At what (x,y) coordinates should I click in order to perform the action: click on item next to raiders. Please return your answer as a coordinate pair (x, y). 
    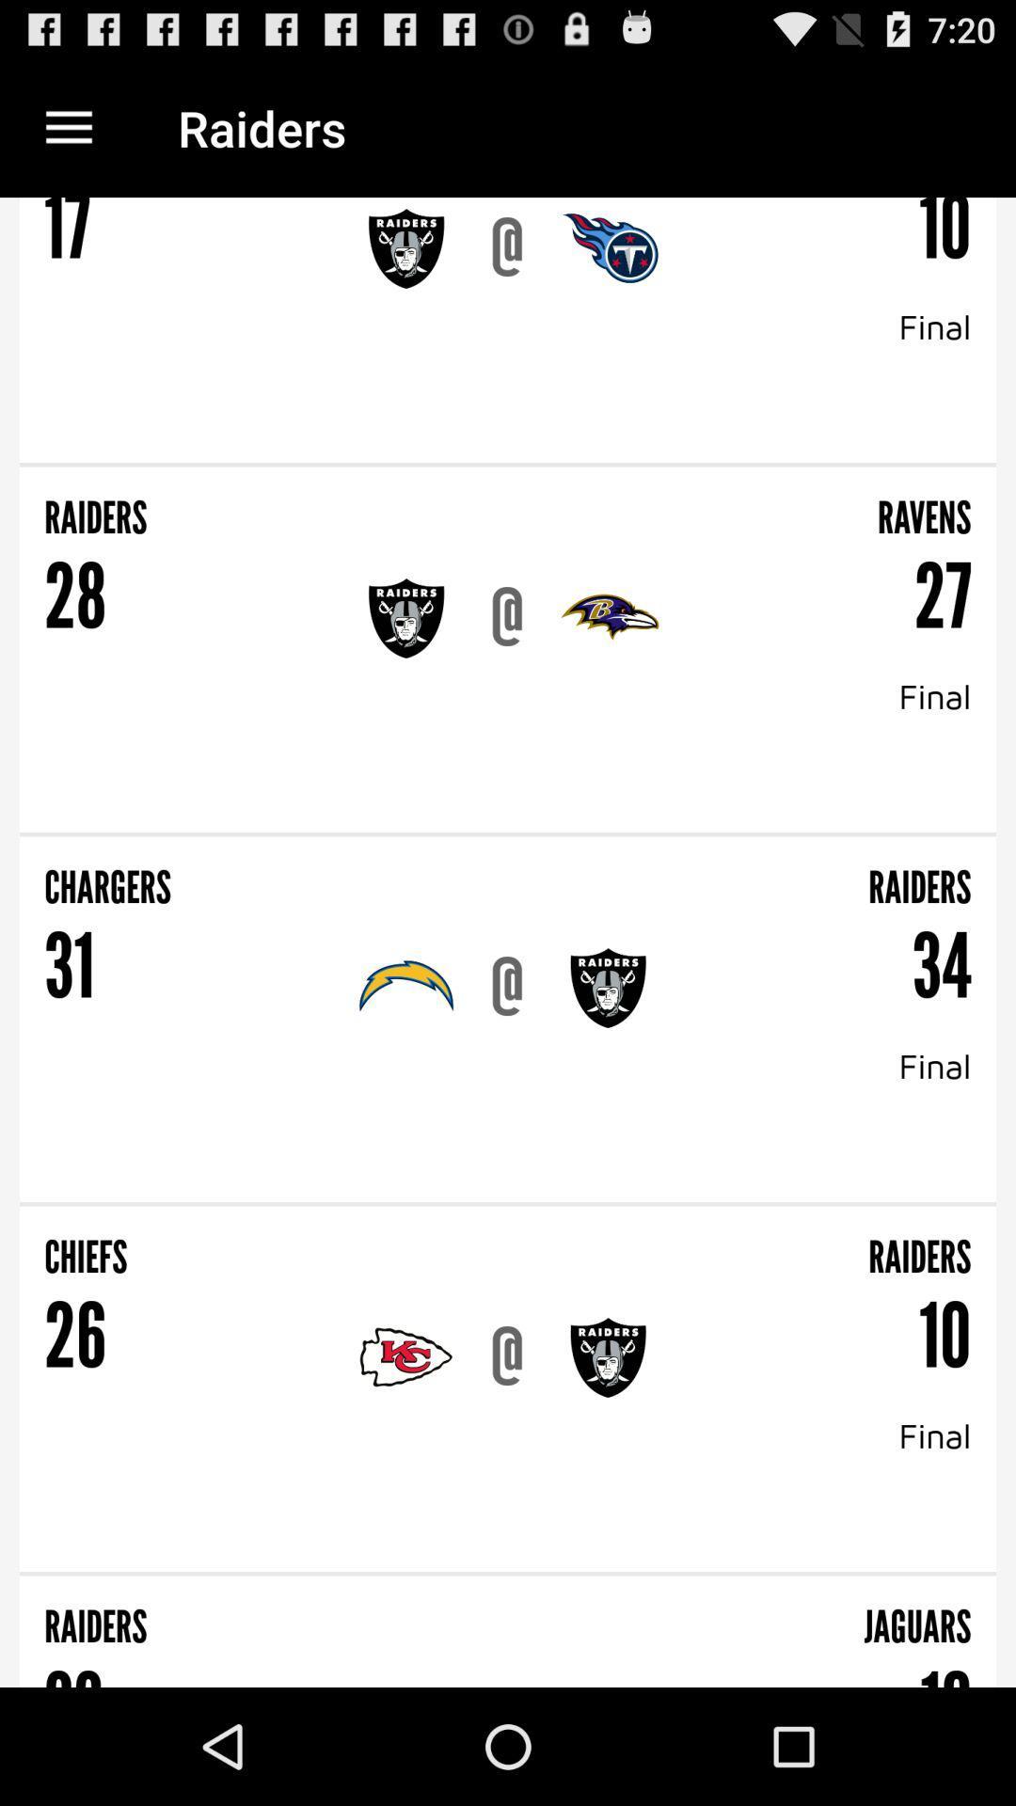
    Looking at the image, I should click on (282, 874).